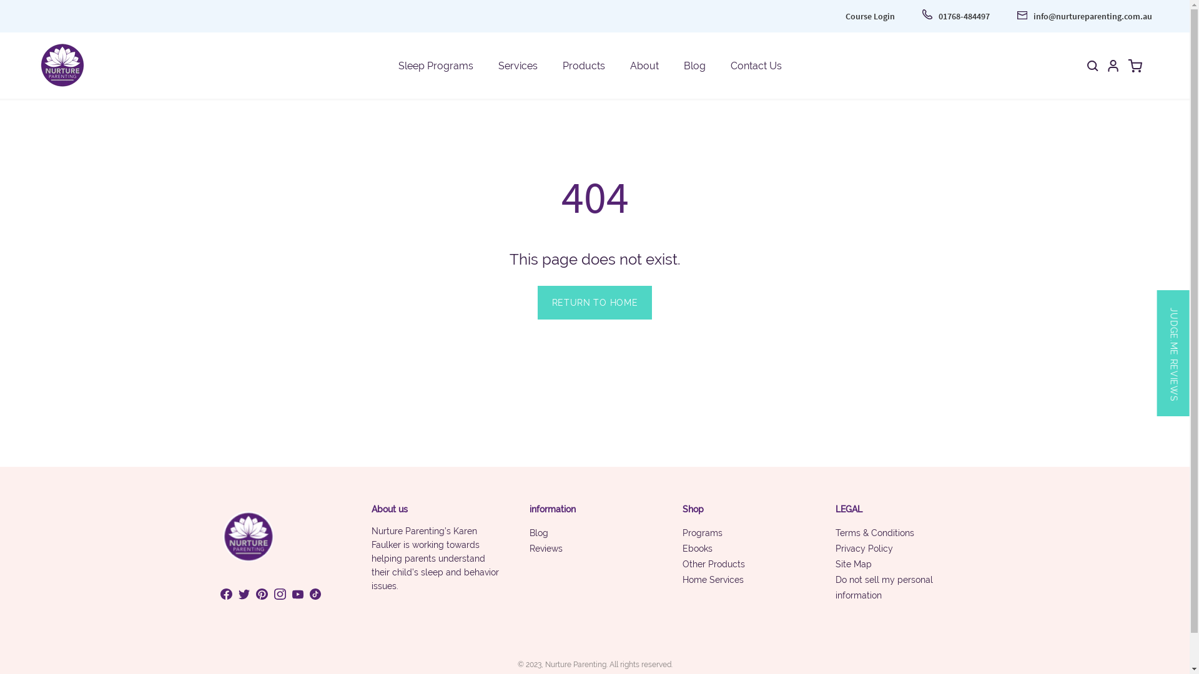 The width and height of the screenshot is (1199, 674). I want to click on 'RETURN TO HOME', so click(595, 303).